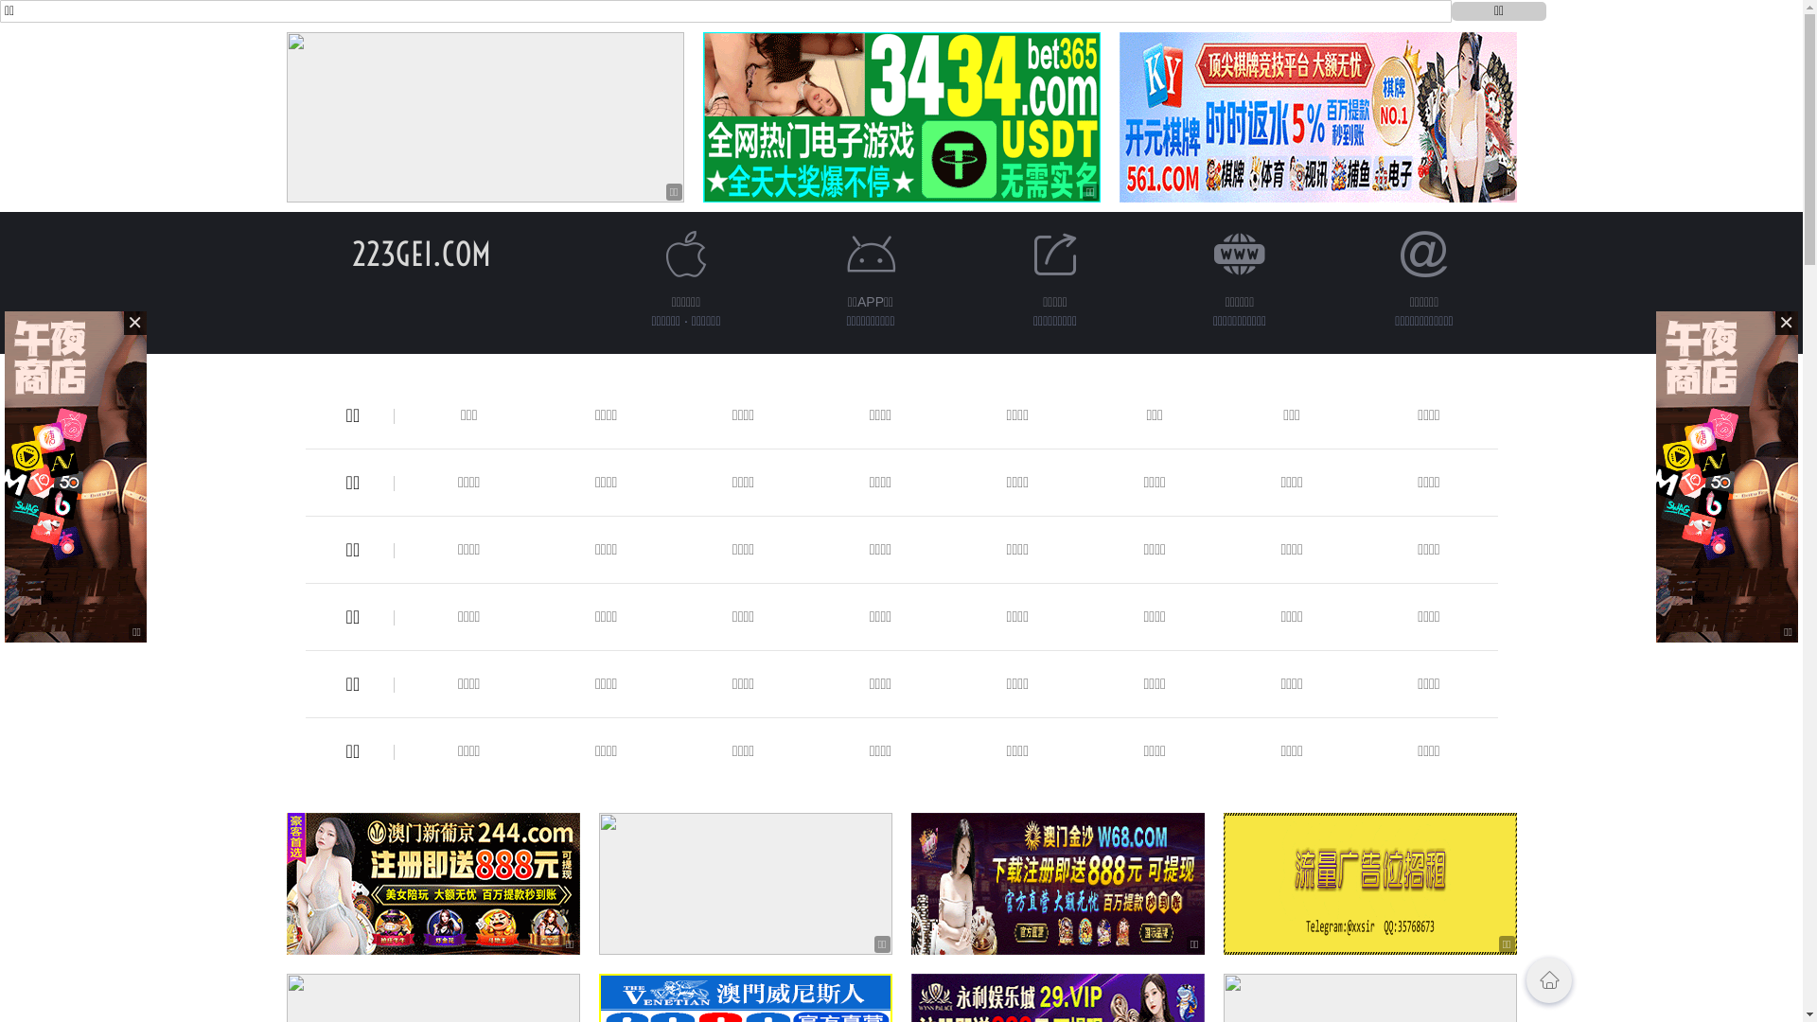  I want to click on '223GEI.COM', so click(420, 253).